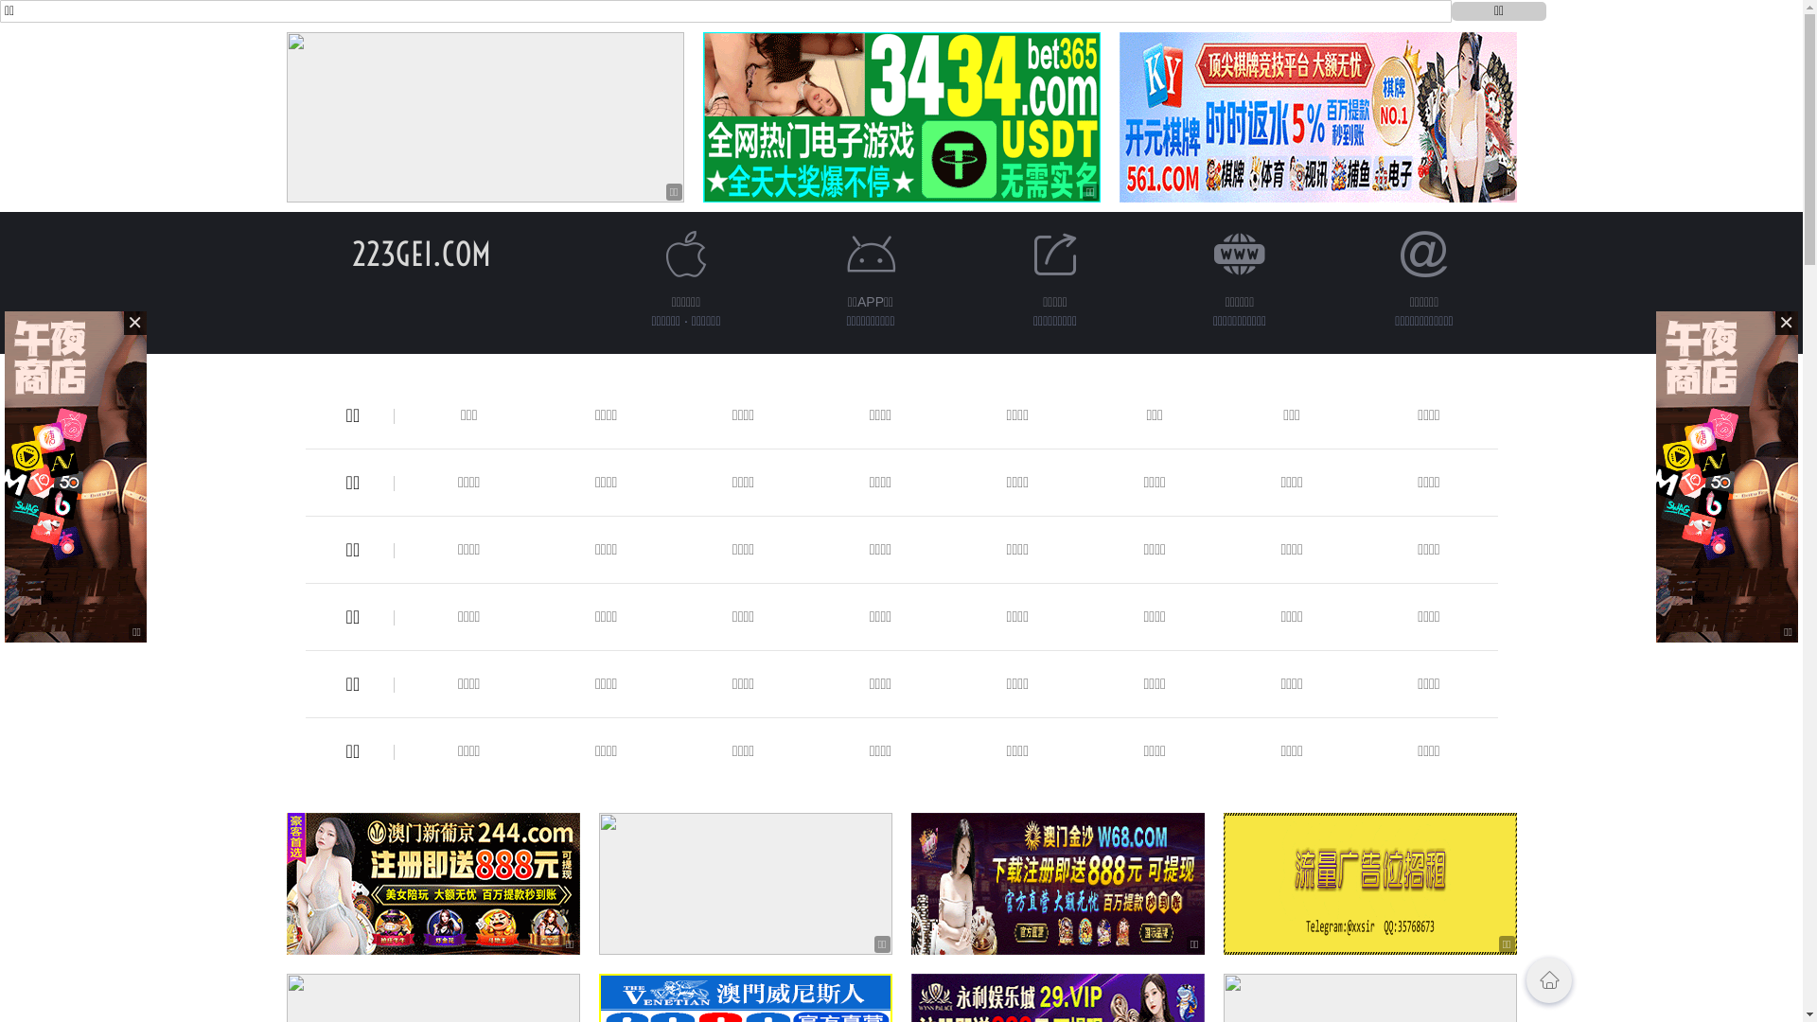  I want to click on '223GEI.COM', so click(420, 253).